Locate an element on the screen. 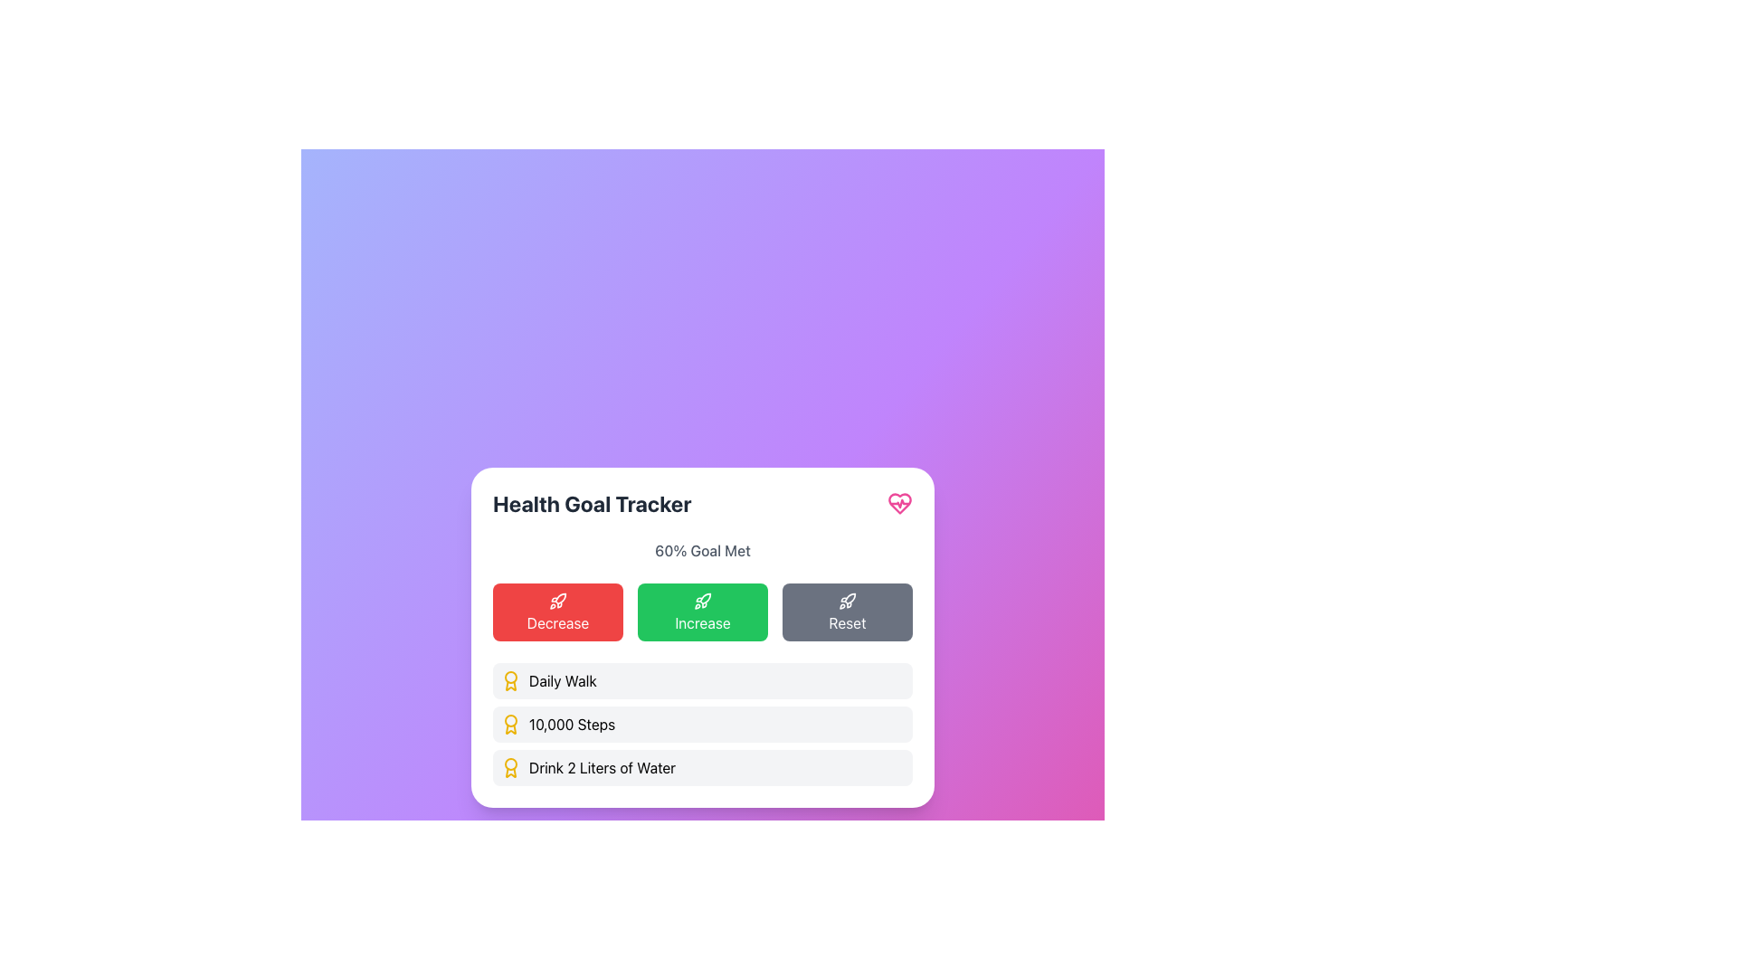 The height and width of the screenshot is (977, 1737). the 'Drink 2 Liters of Water' goal icon in the health tracker interface, which is the third element in the list under the Health Goal Tracker section, positioned below the '10,000 Steps' badge icon and above the 'Decrease' button is located at coordinates (510, 773).